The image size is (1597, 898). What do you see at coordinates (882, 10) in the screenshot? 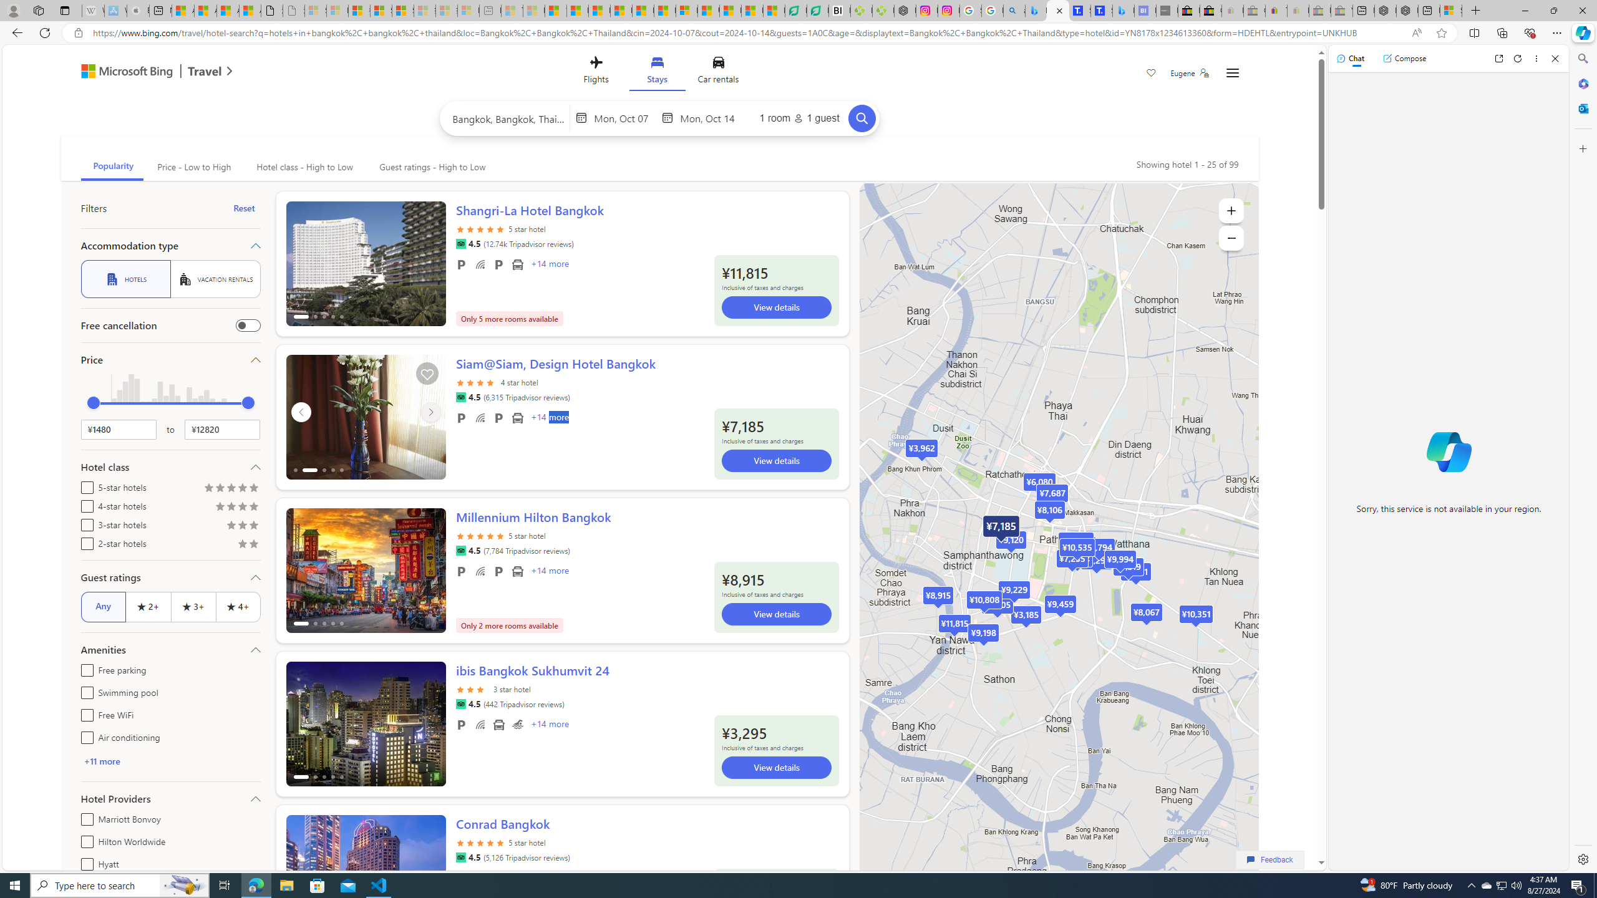
I see `'Descarga Driver Updater'` at bounding box center [882, 10].